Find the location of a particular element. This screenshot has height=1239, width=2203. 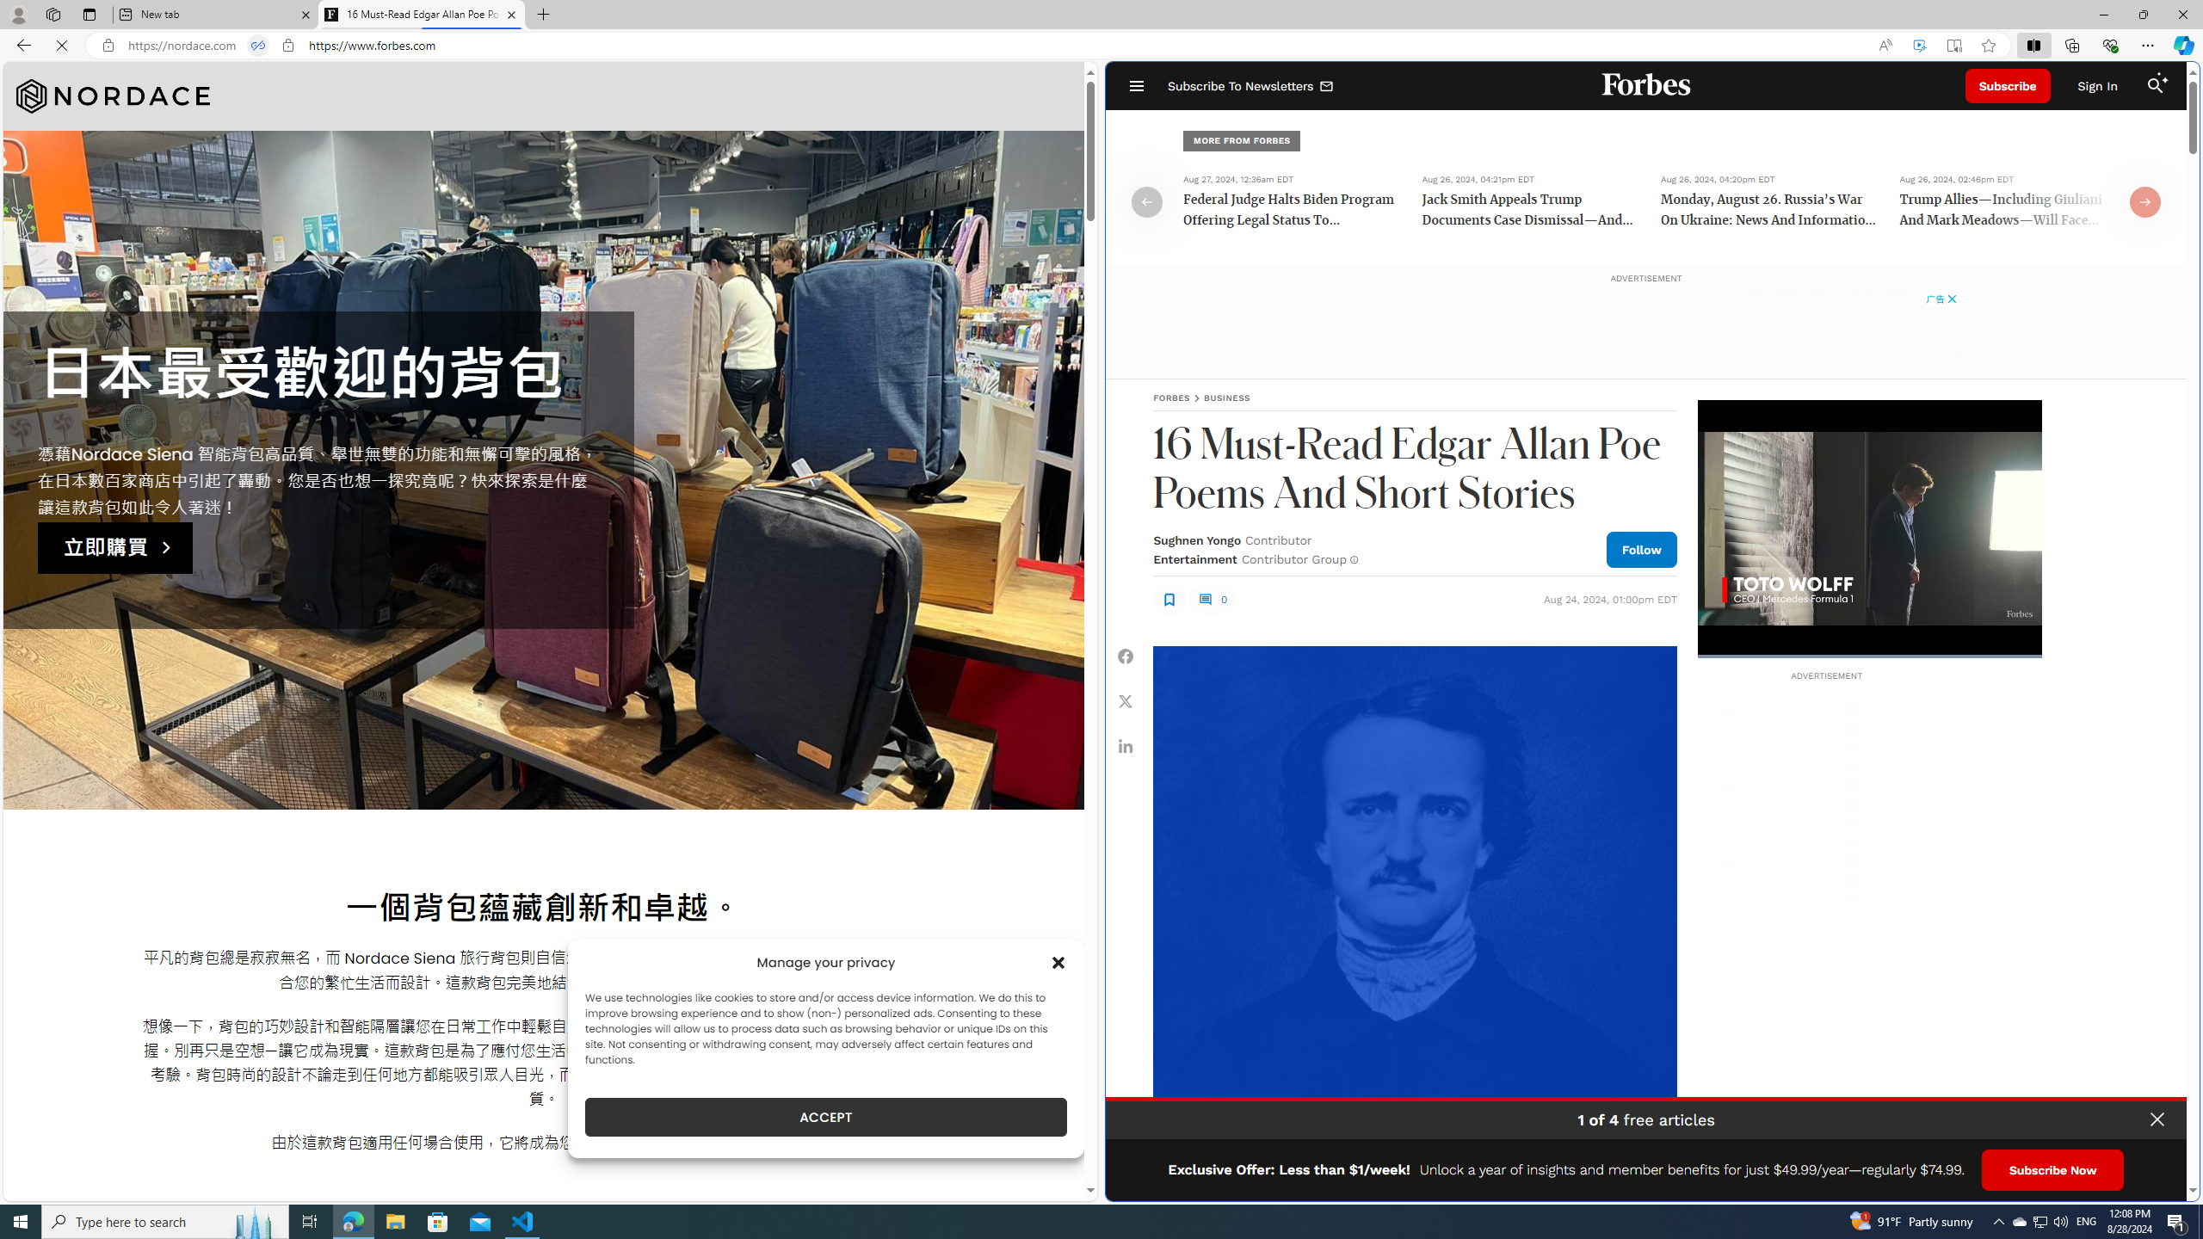

'Class: fs-icon fs-icon--linkedin' is located at coordinates (1126, 745).